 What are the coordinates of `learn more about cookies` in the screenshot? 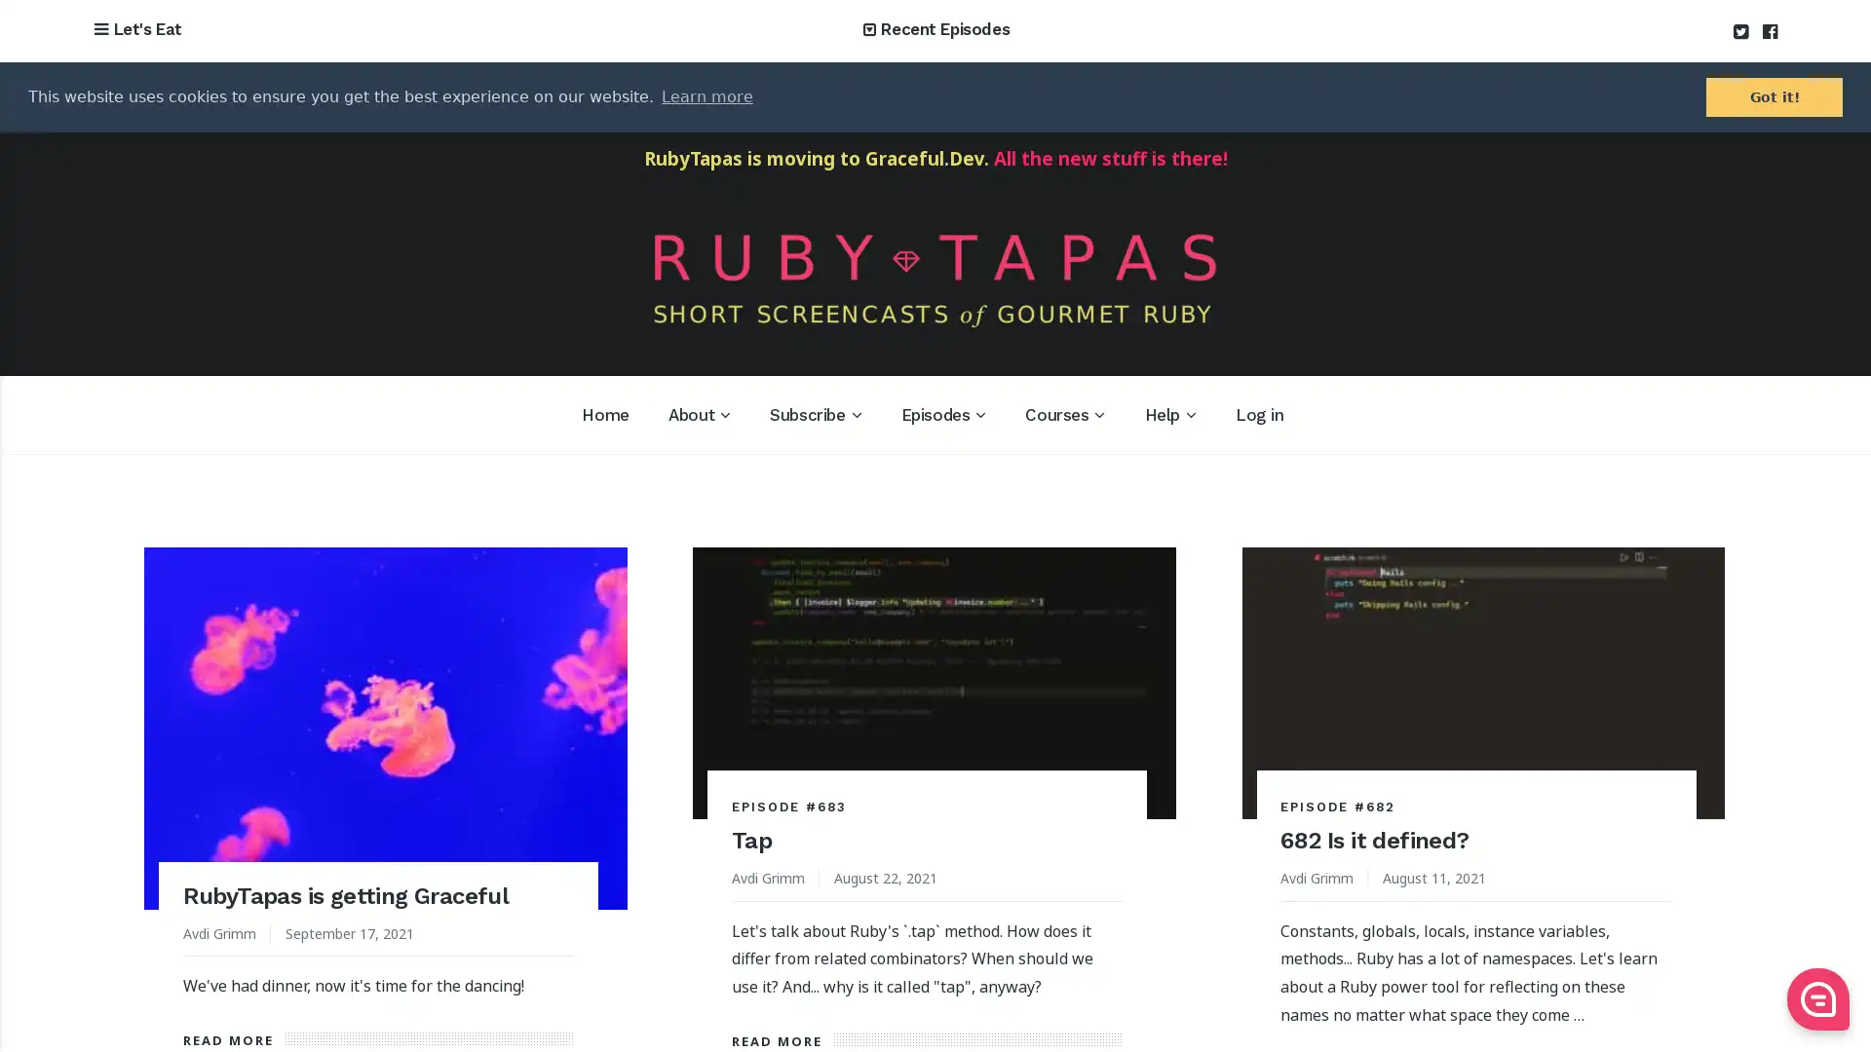 It's located at (706, 96).